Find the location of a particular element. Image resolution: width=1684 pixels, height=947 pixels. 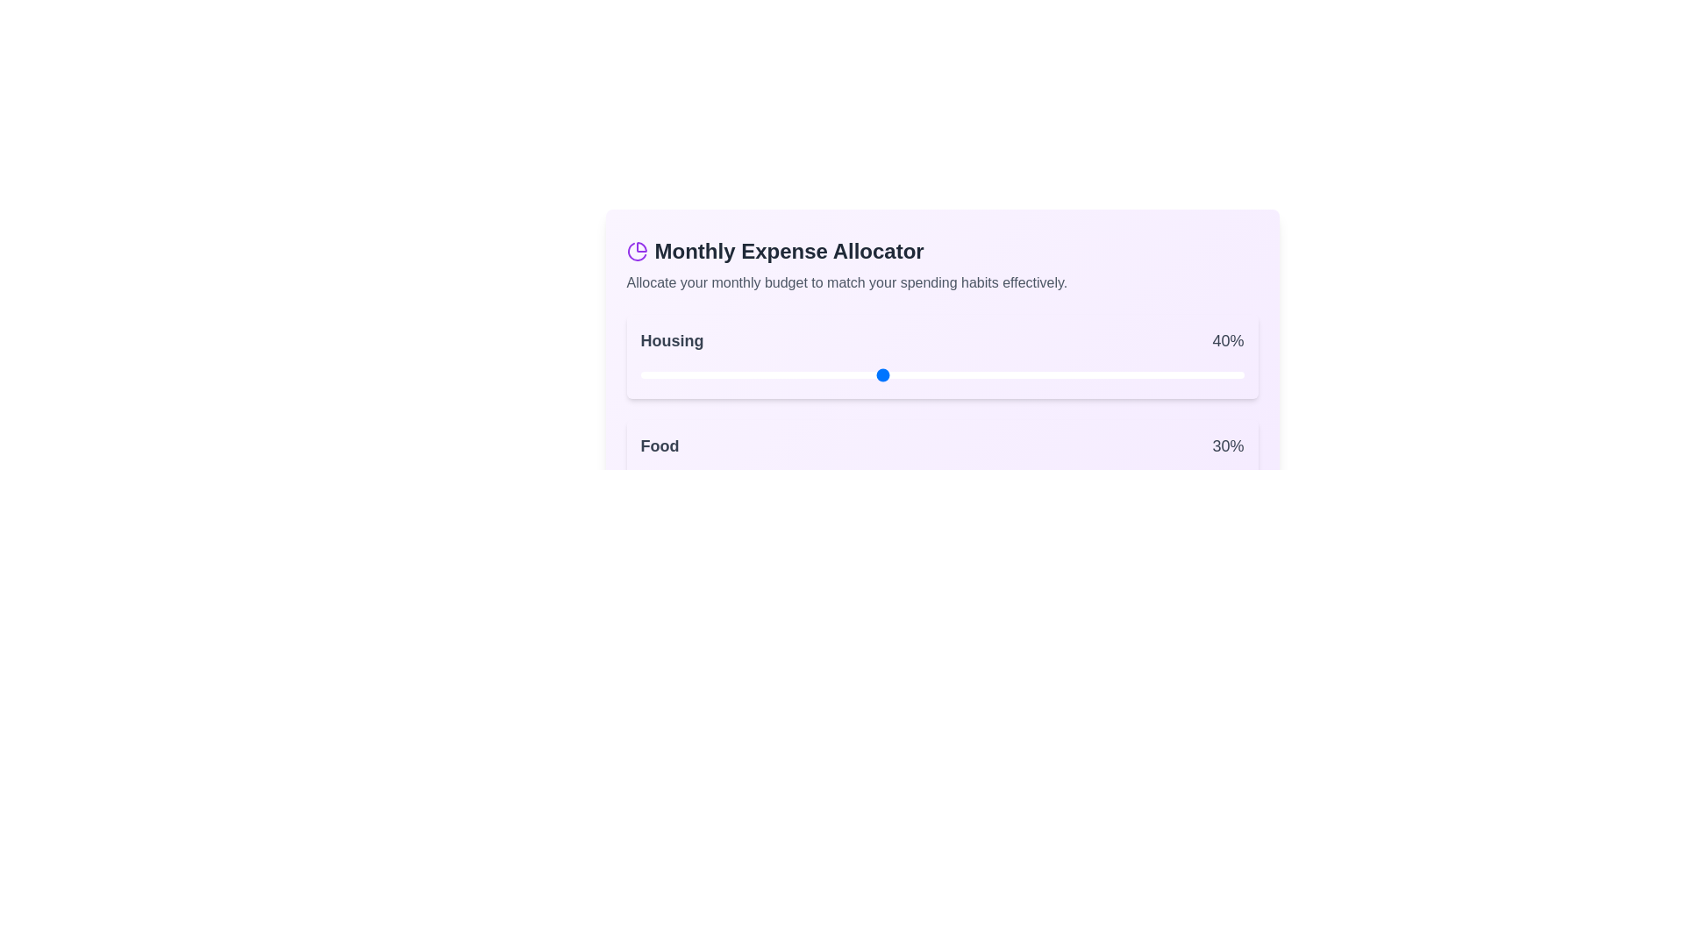

the value of the 'Housing' percentage slider is located at coordinates (646, 374).